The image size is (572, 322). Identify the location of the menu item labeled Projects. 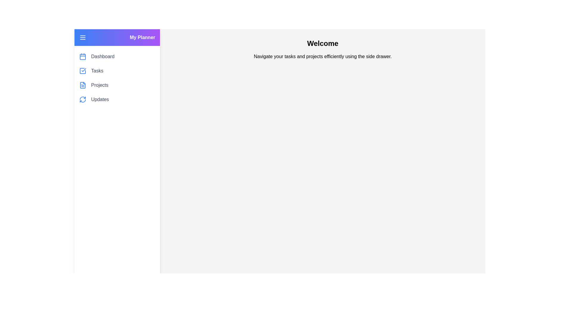
(100, 85).